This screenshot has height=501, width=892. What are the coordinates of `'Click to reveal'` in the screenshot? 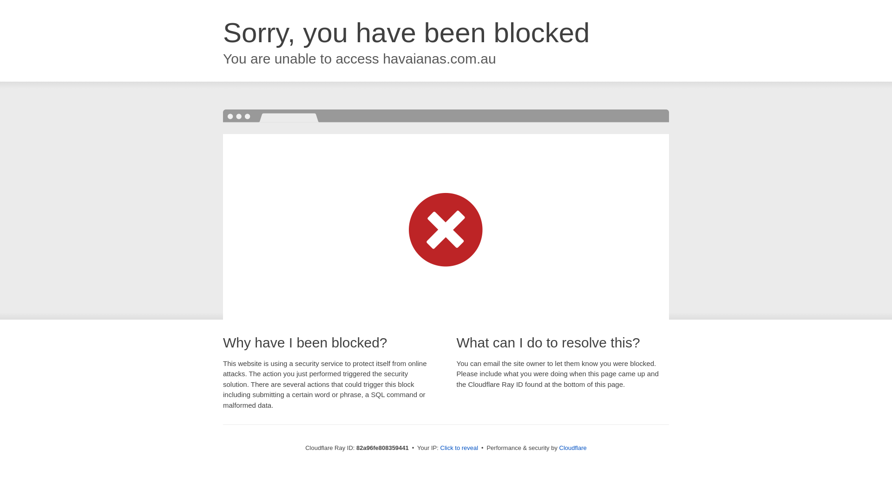 It's located at (459, 447).